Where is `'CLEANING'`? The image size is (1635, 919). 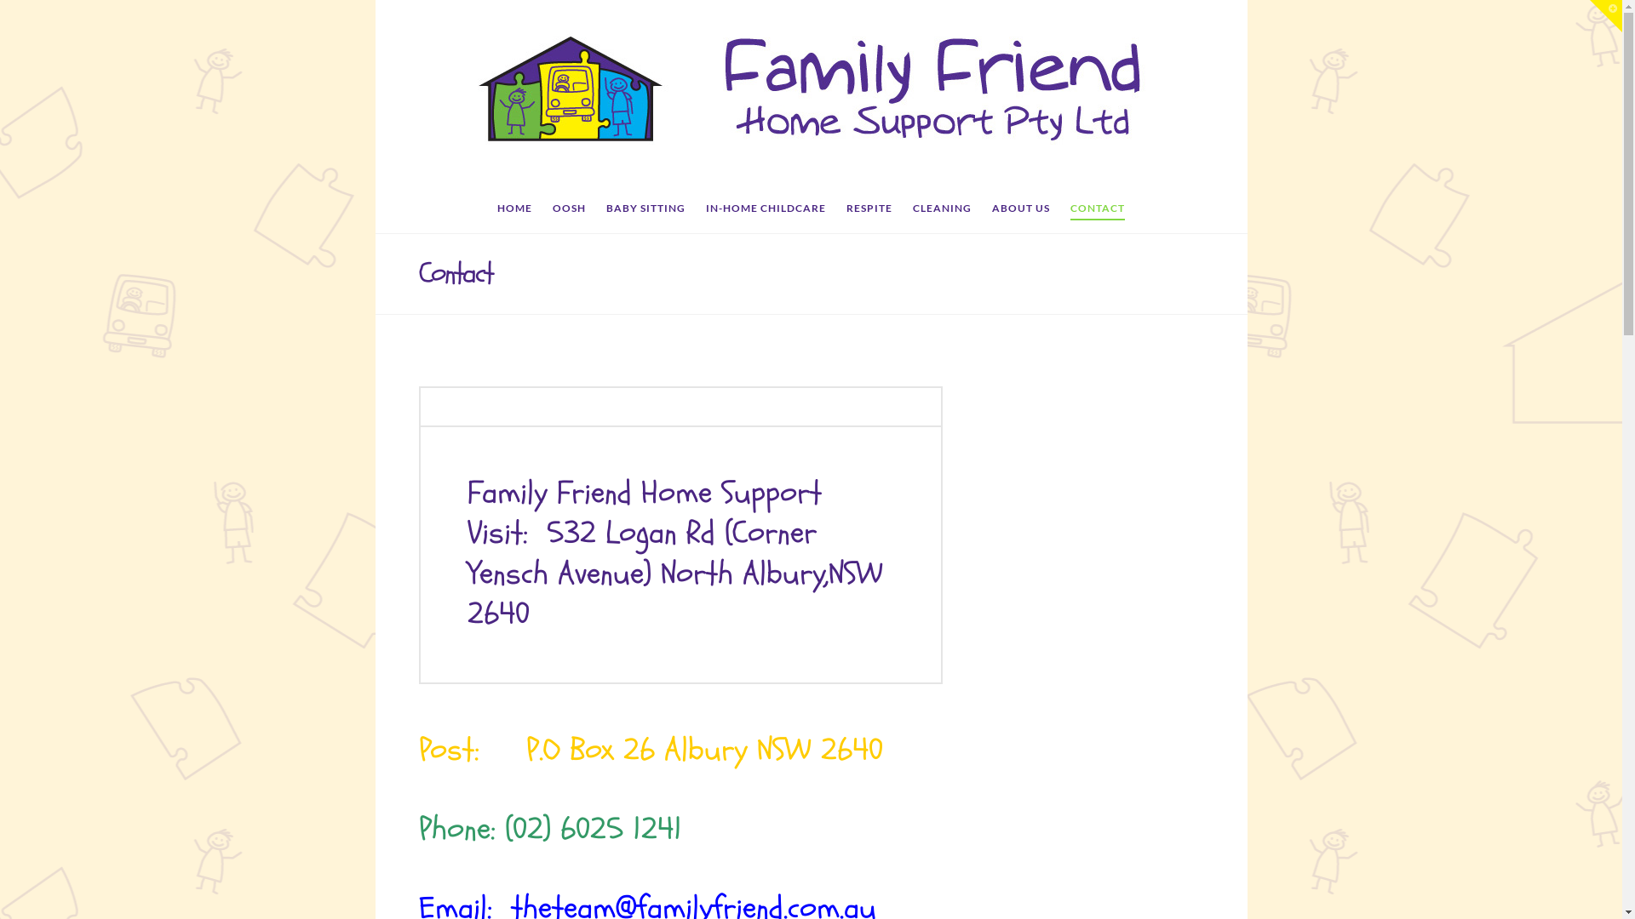 'CLEANING' is located at coordinates (941, 211).